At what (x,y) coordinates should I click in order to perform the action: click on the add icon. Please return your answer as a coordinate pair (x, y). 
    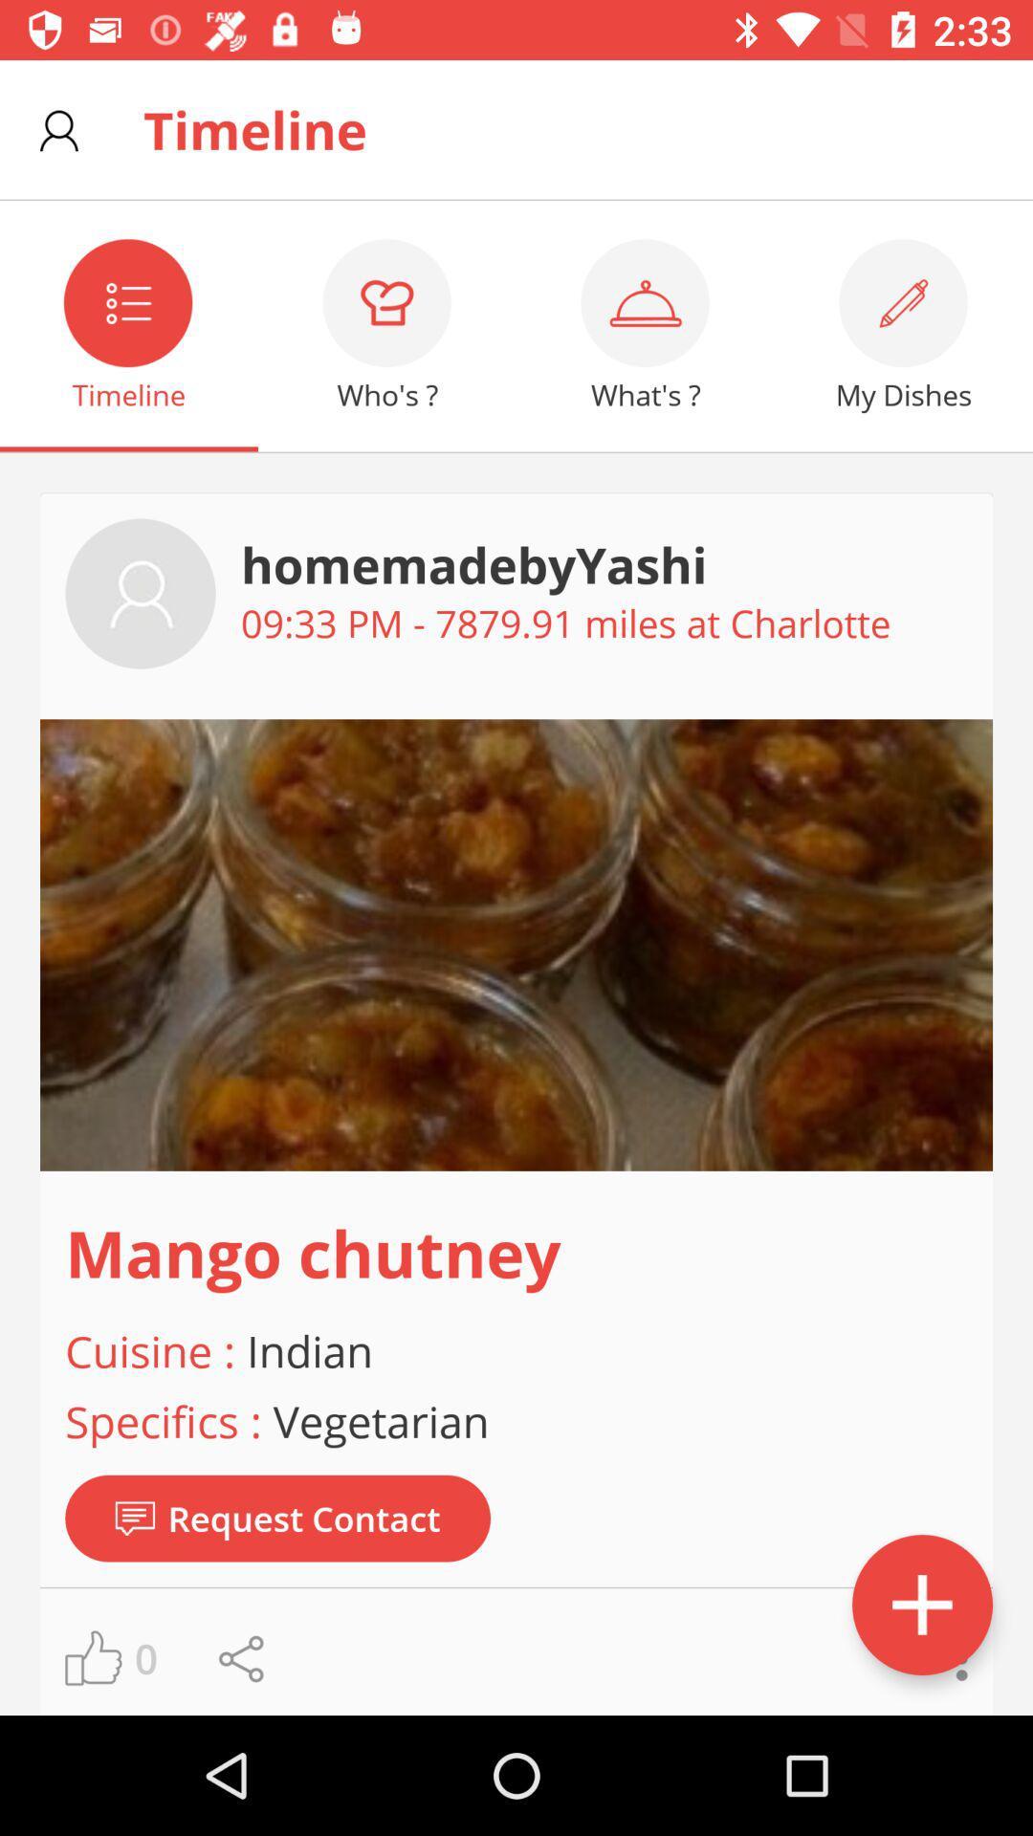
    Looking at the image, I should click on (921, 1605).